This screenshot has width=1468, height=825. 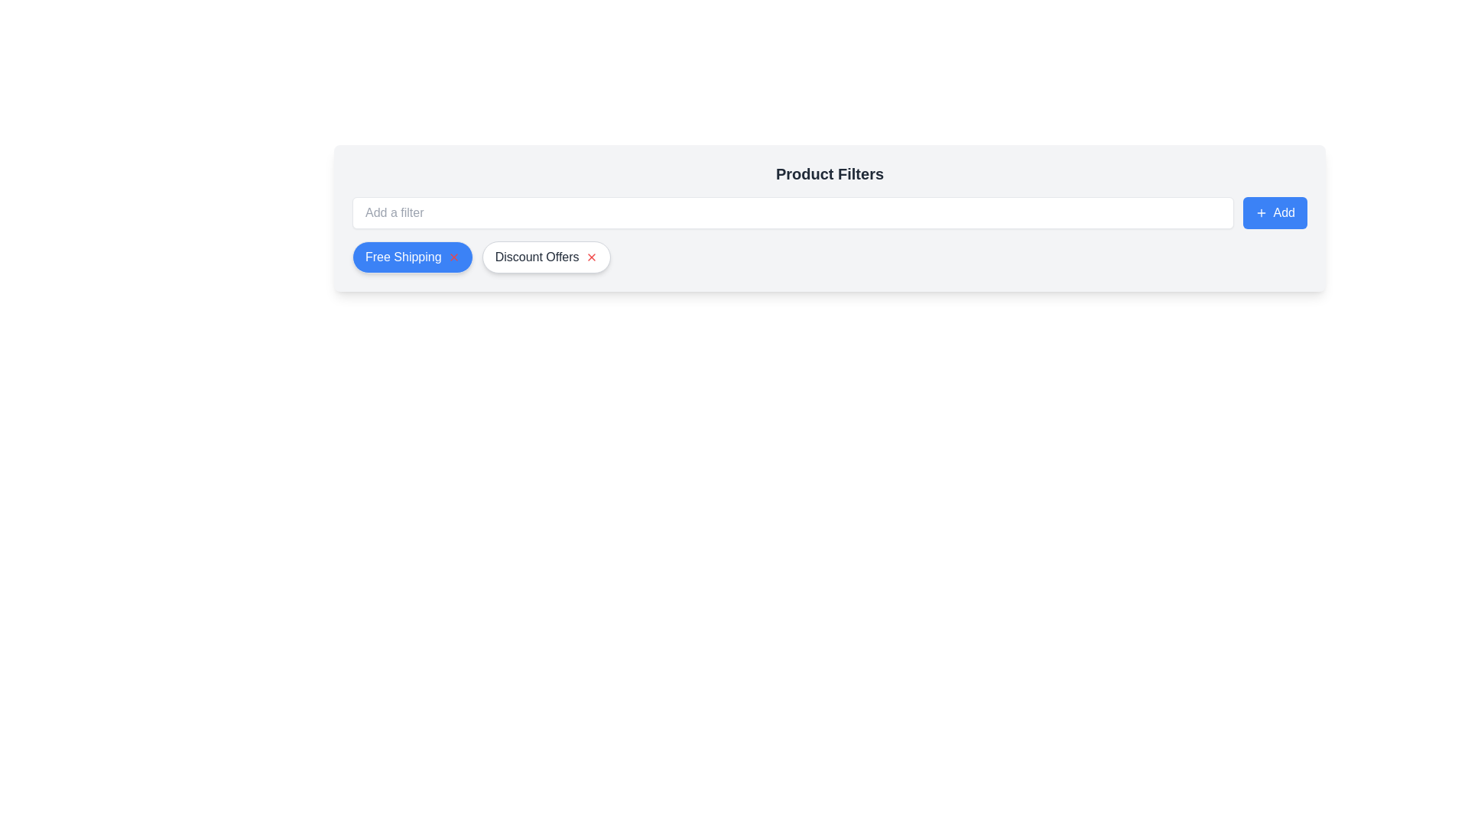 I want to click on the blue button labeled 'Add' which contains a small blue plus icon to the left of the text, so click(x=1261, y=212).